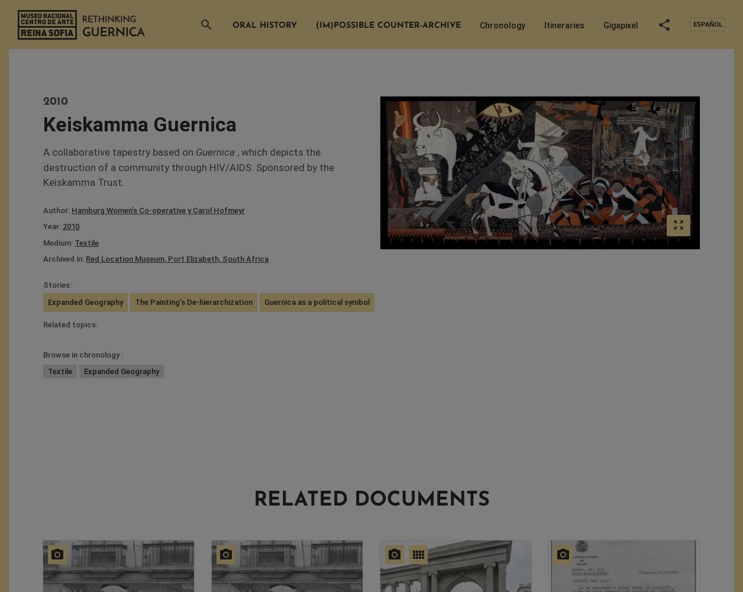  I want to click on 'Browse in chronology :', so click(43, 354).